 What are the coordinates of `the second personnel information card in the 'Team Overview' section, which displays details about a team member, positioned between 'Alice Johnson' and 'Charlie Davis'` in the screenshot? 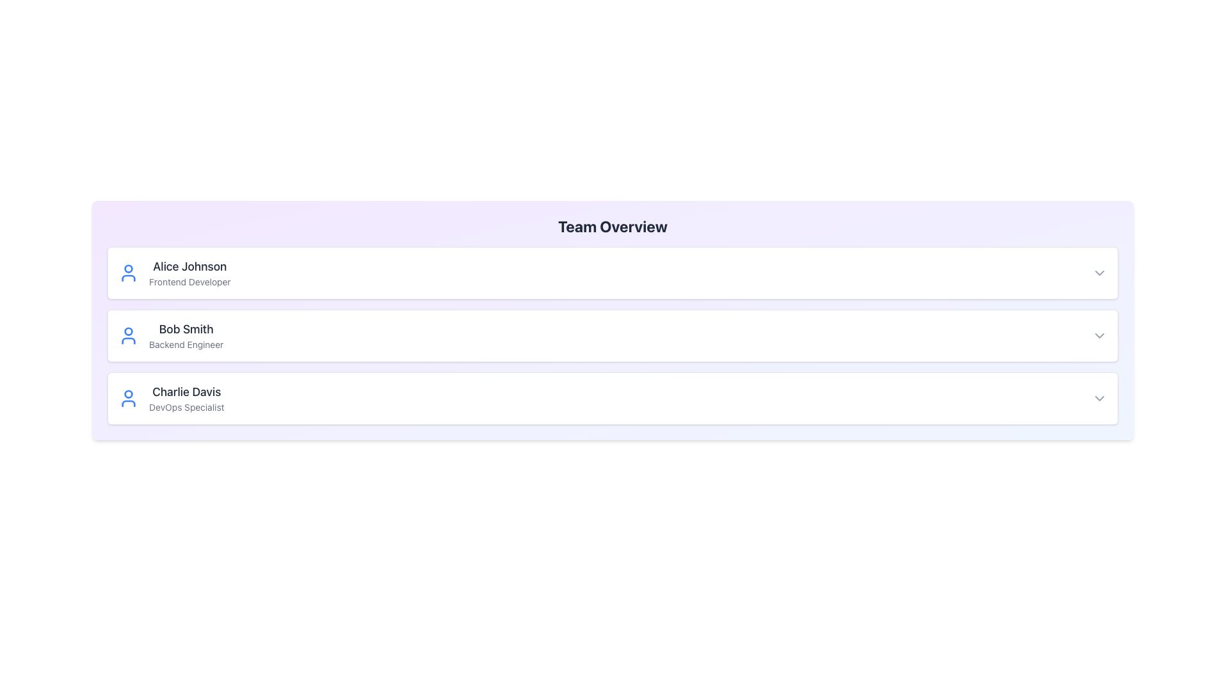 It's located at (170, 335).